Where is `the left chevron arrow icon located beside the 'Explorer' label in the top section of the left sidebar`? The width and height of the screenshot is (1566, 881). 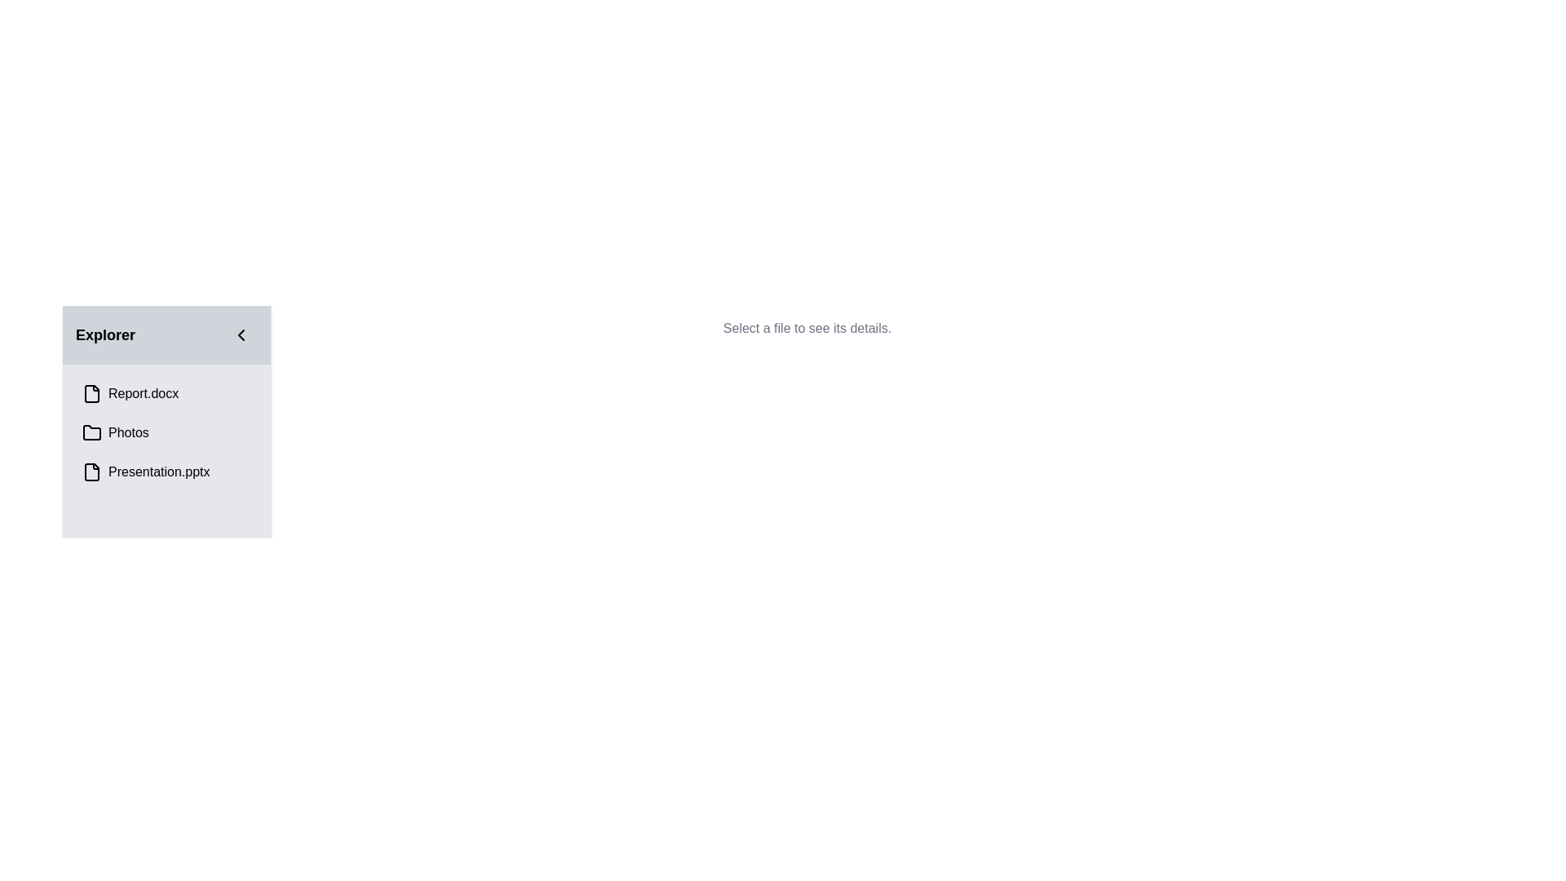
the left chevron arrow icon located beside the 'Explorer' label in the top section of the left sidebar is located at coordinates (241, 334).